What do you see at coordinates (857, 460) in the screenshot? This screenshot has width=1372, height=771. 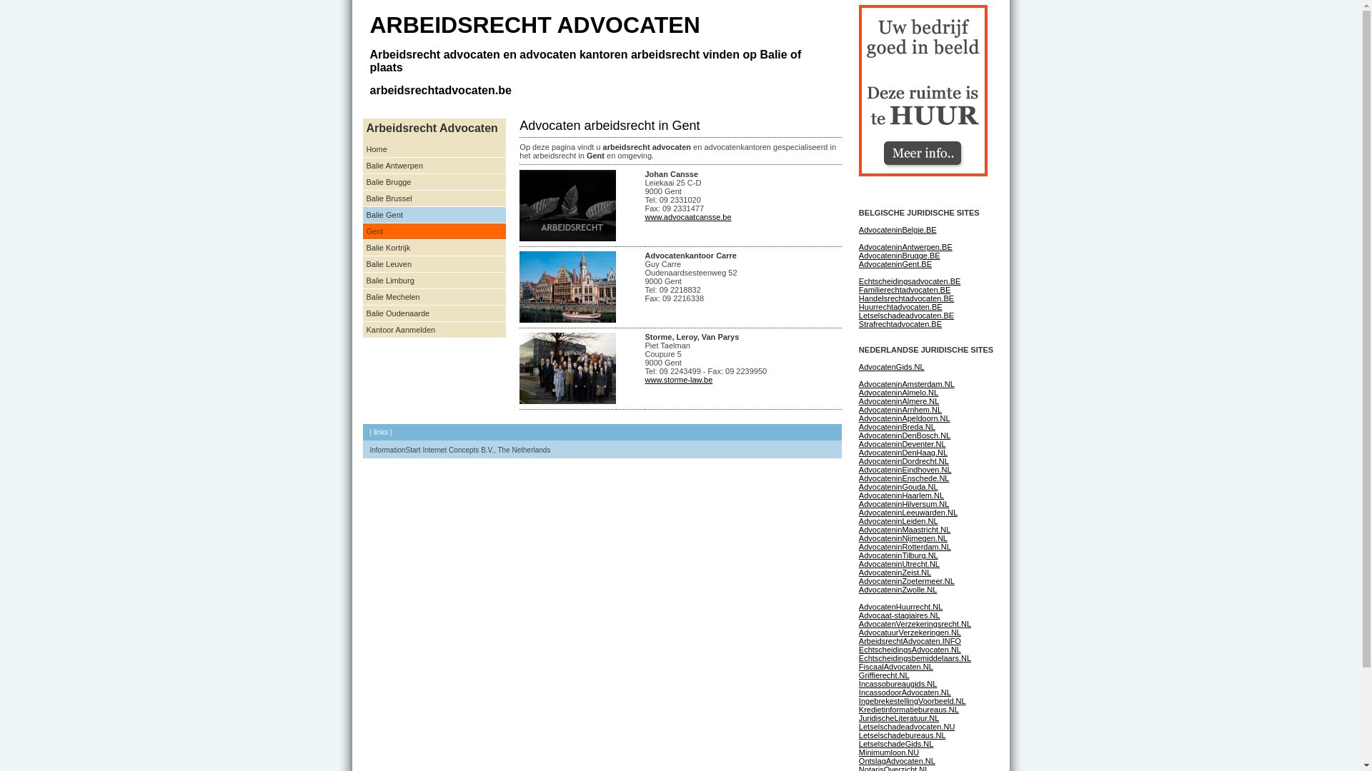 I see `'AdvocateninDordrecht.NL'` at bounding box center [857, 460].